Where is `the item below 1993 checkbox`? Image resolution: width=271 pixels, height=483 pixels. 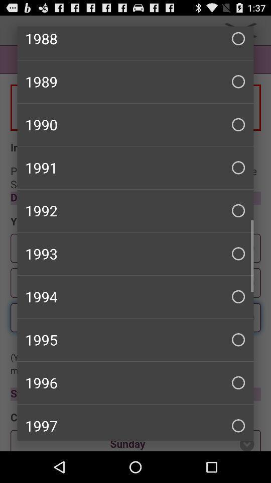
the item below 1993 checkbox is located at coordinates (135, 296).